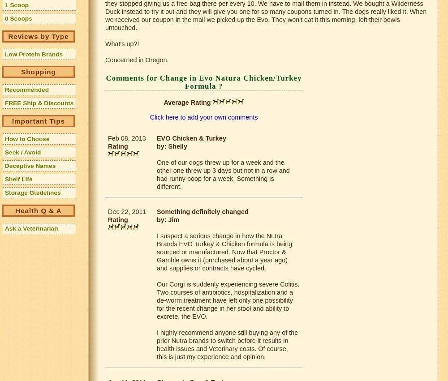 The height and width of the screenshot is (381, 448). What do you see at coordinates (172, 146) in the screenshot?
I see `'by: Shelly'` at bounding box center [172, 146].